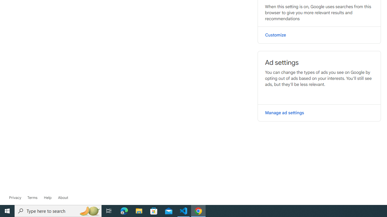 This screenshot has width=387, height=217. I want to click on 'Learn more about Google Account', so click(63, 197).